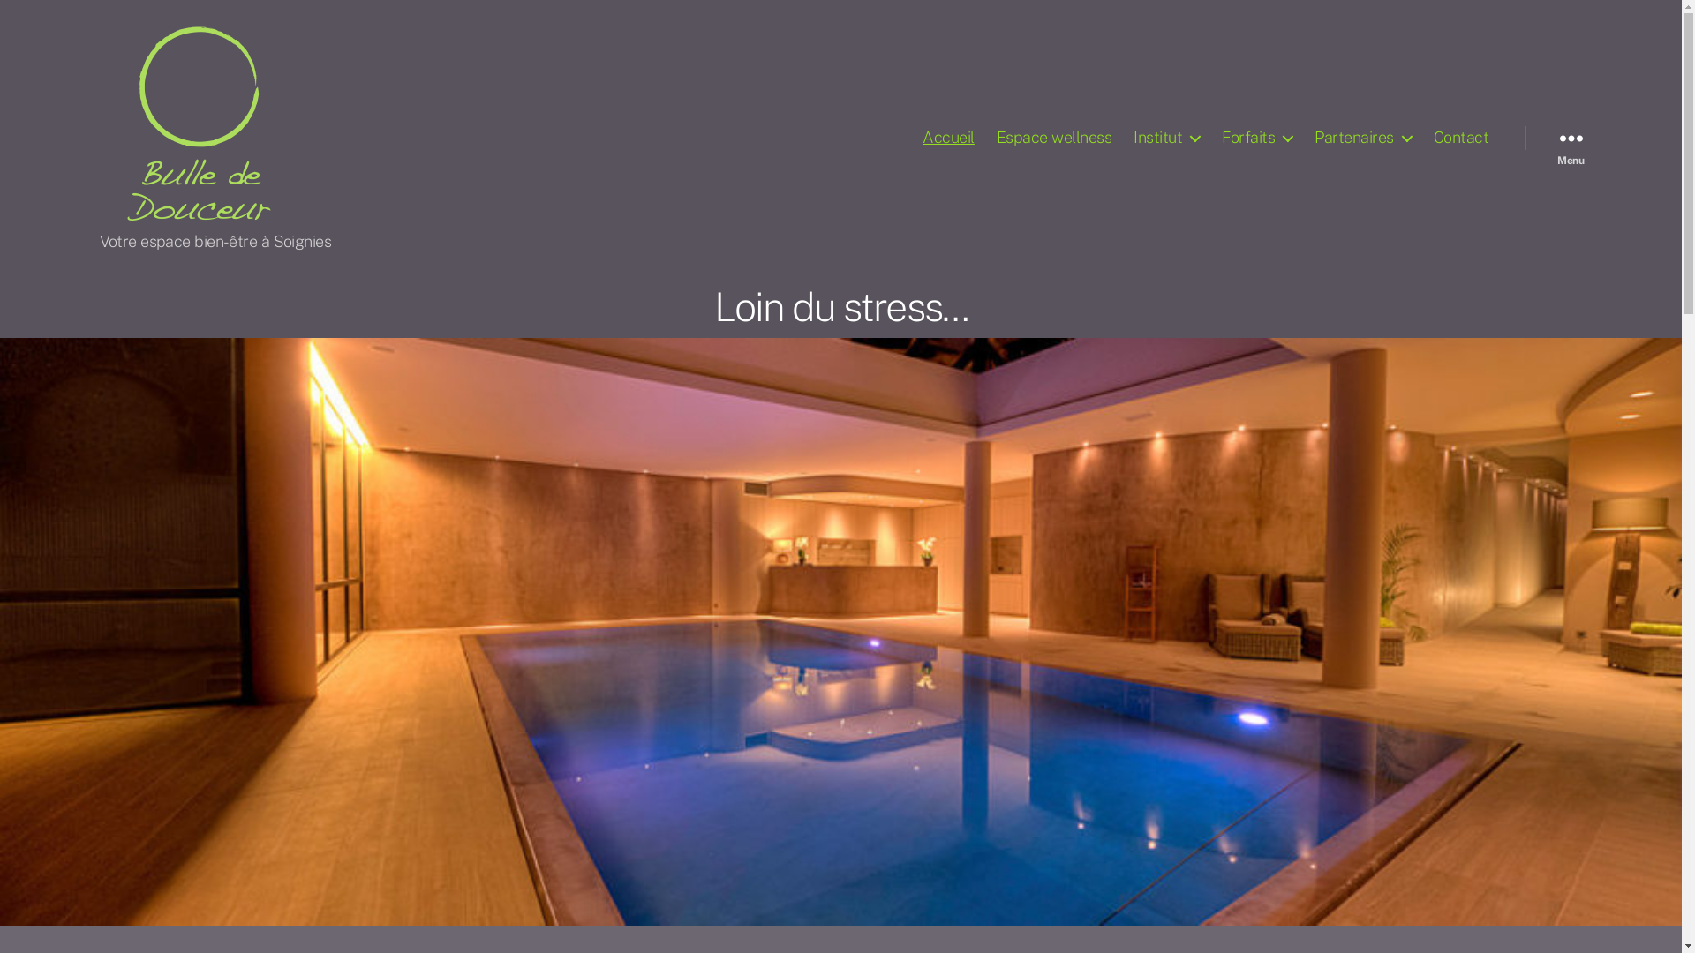 The height and width of the screenshot is (953, 1695). What do you see at coordinates (1256, 136) in the screenshot?
I see `'Forfaits'` at bounding box center [1256, 136].